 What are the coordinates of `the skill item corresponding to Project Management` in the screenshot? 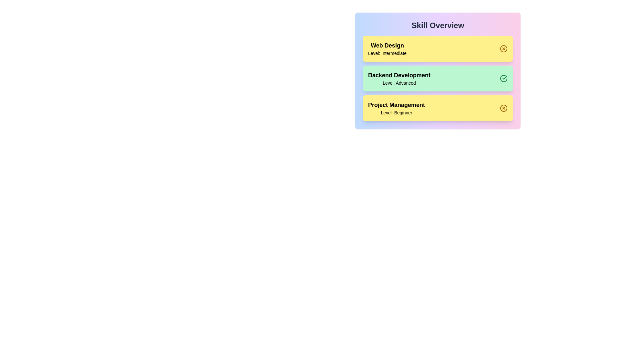 It's located at (438, 108).